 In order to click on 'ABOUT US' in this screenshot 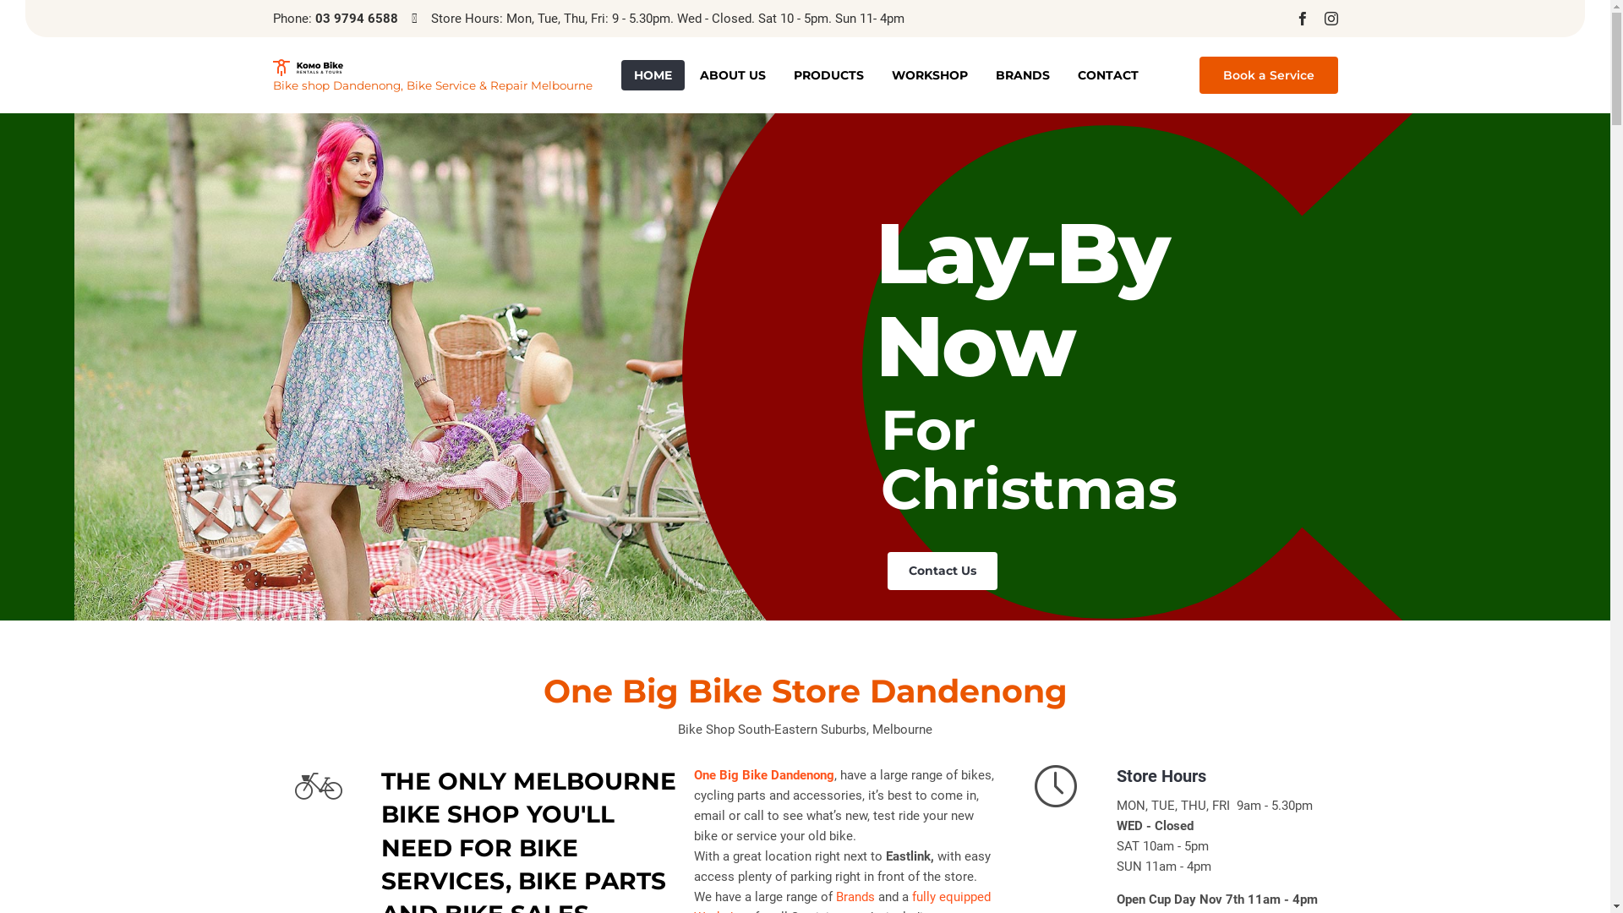, I will do `click(731, 74)`.